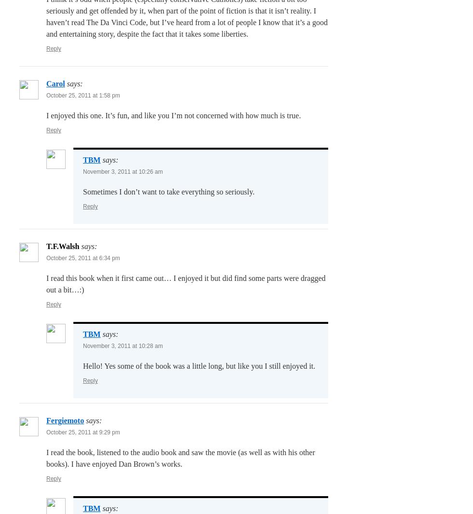  I want to click on 'October 25, 2011 at 1:58 pm', so click(46, 95).